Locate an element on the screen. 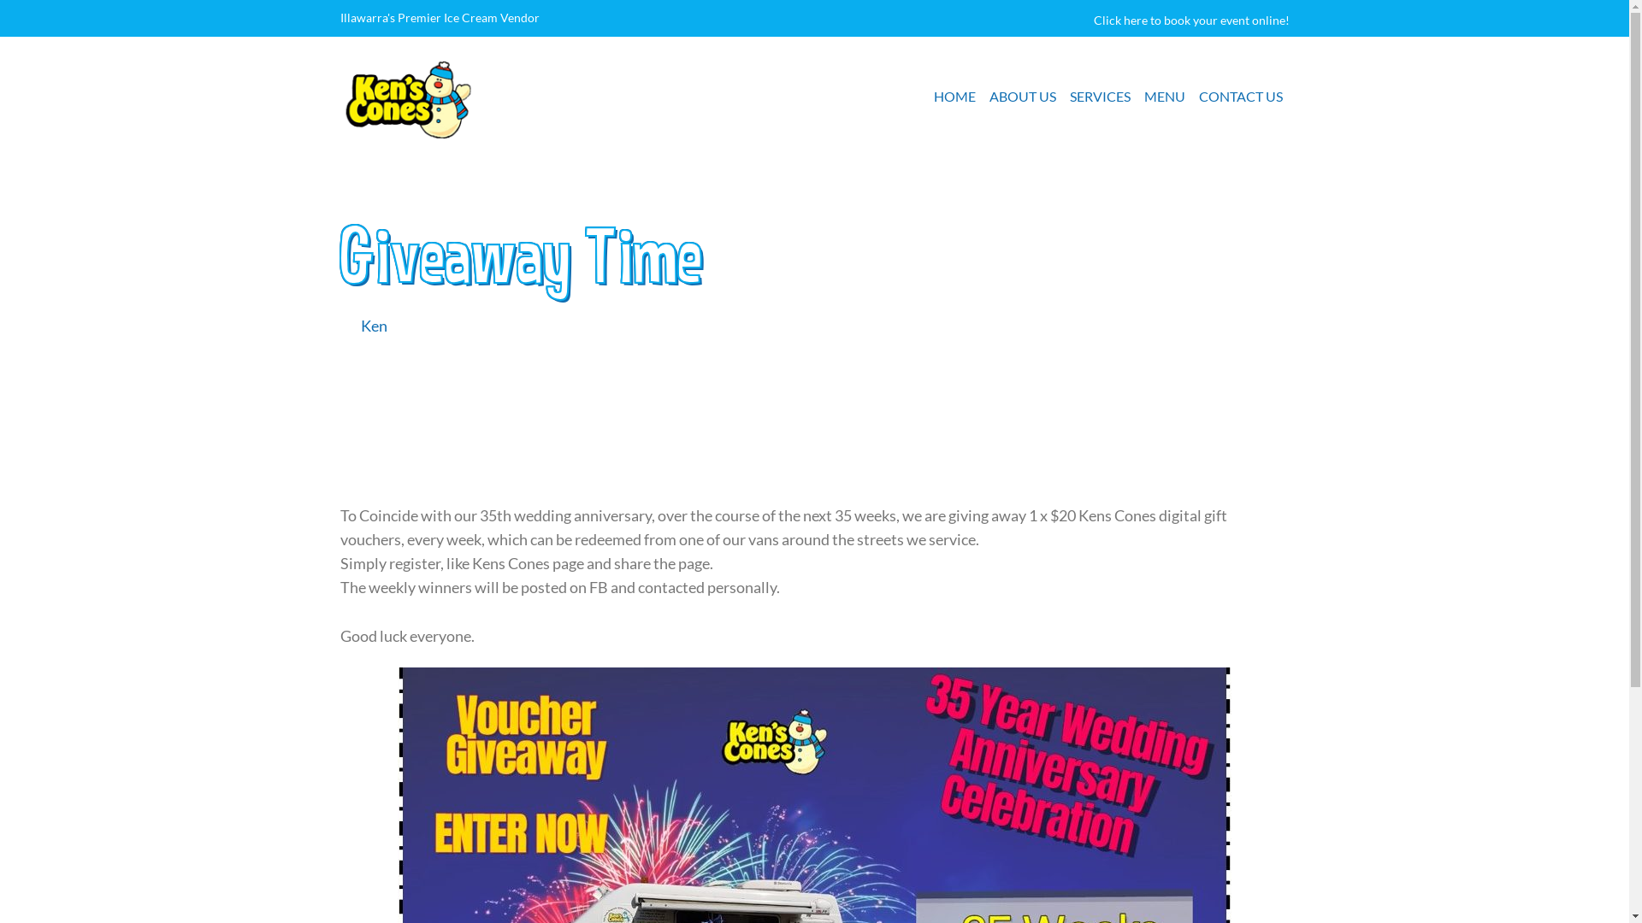  'HOME' is located at coordinates (954, 96).